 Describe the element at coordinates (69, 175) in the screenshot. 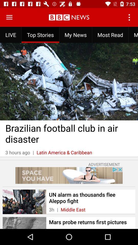

I see `open advertisement` at that location.